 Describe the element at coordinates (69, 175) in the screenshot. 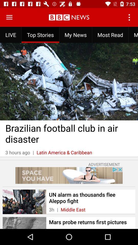

I see `open advertisement` at that location.